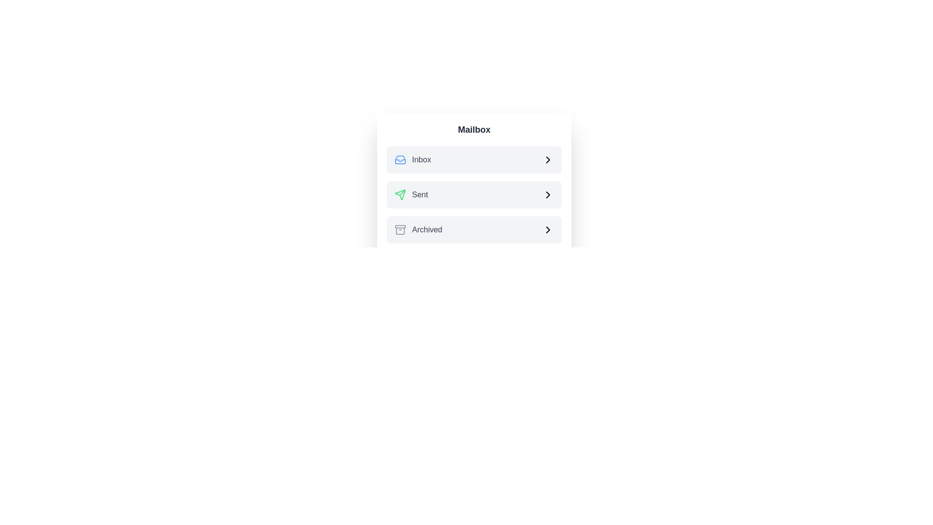 Image resolution: width=933 pixels, height=525 pixels. Describe the element at coordinates (548, 159) in the screenshot. I see `the Right Arrow icon located on the far right side of the 'Inbox' row in the 'Mailbox' section` at that location.